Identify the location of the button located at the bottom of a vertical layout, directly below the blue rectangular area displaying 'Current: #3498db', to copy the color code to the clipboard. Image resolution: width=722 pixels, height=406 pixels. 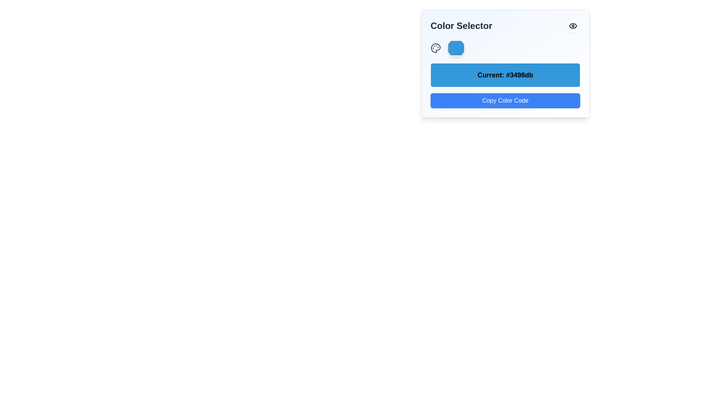
(505, 100).